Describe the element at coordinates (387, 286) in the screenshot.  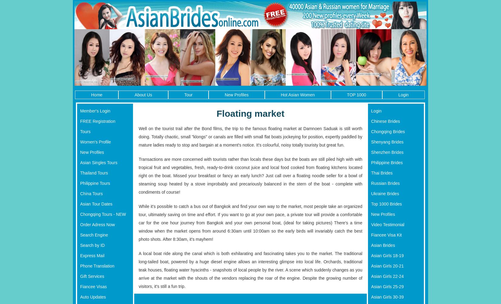
I see `'Asian Girls 25-29'` at that location.